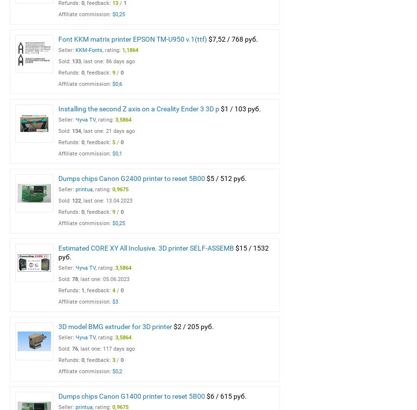  I want to click on ', last one: 86 days ago', so click(107, 61).